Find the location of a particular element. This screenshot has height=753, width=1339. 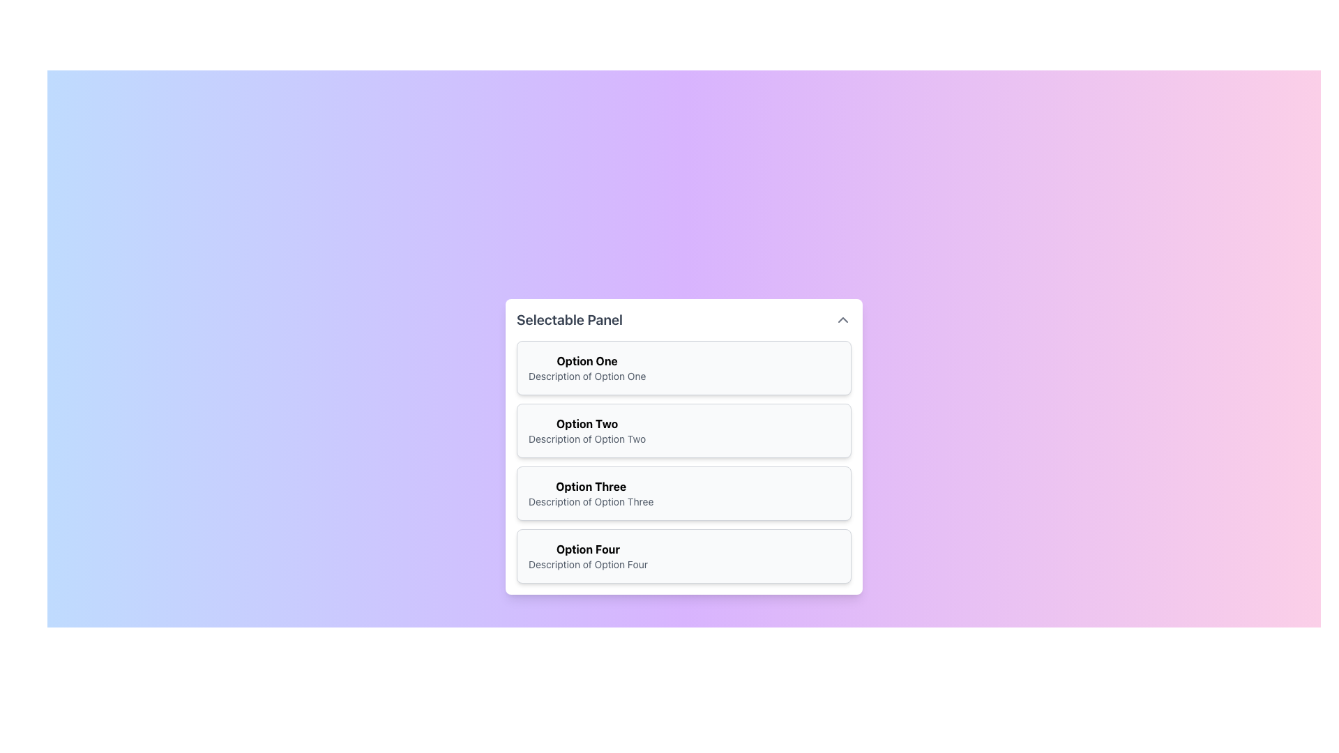

text of the label indicating the title of the third selectable option in the 'Selectable Panel', located above its description 'Description of Option Three' is located at coordinates (591, 486).